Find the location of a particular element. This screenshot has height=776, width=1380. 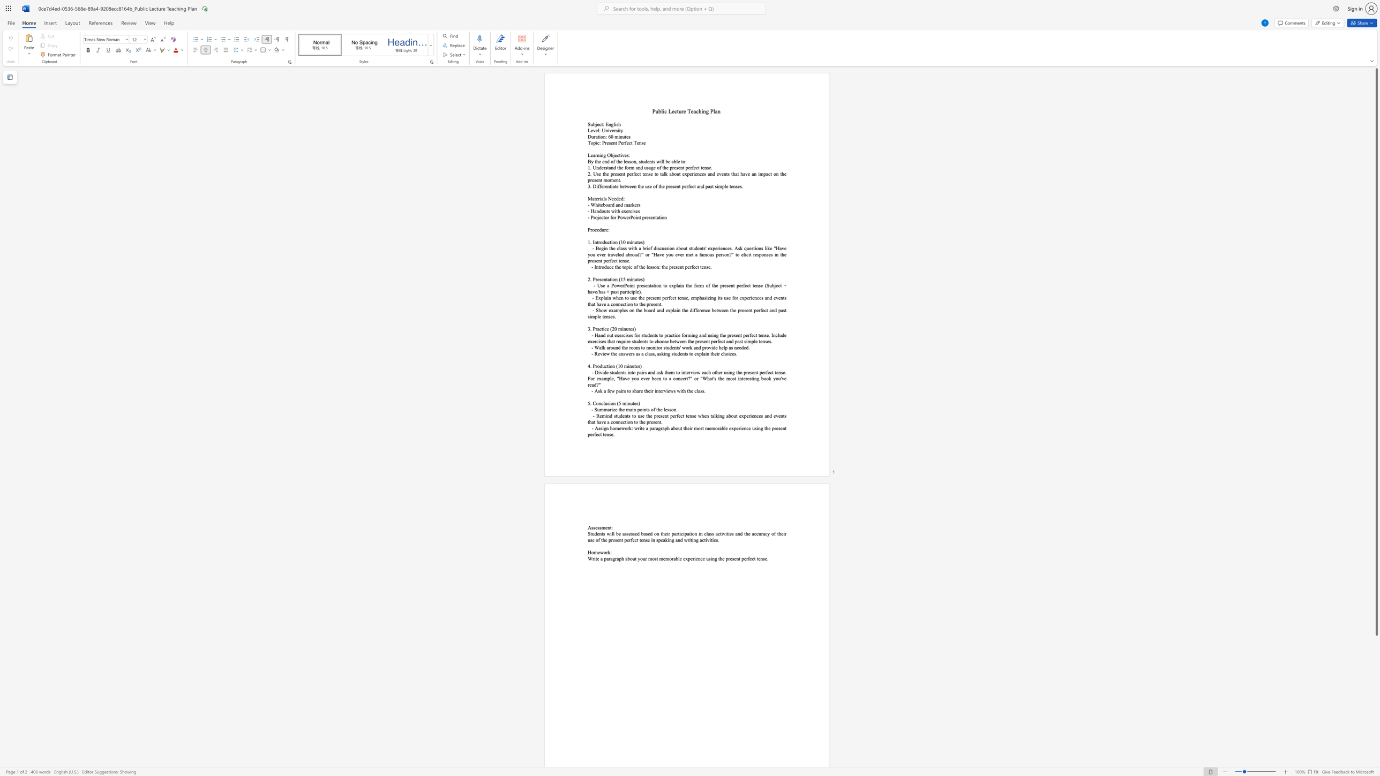

the subset text "ng Objective" within the text "Learning Objectives:" is located at coordinates (600, 154).